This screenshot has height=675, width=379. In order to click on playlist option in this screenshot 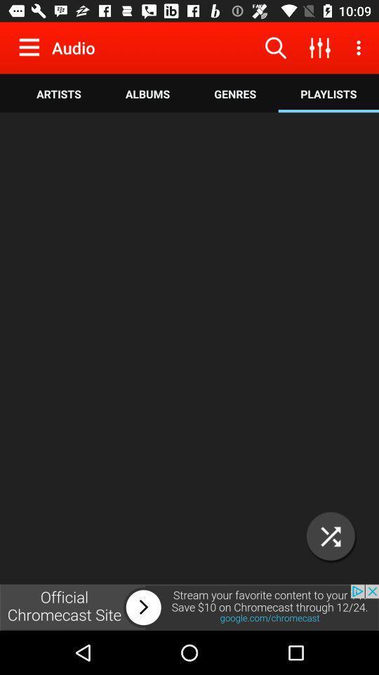, I will do `click(331, 536)`.